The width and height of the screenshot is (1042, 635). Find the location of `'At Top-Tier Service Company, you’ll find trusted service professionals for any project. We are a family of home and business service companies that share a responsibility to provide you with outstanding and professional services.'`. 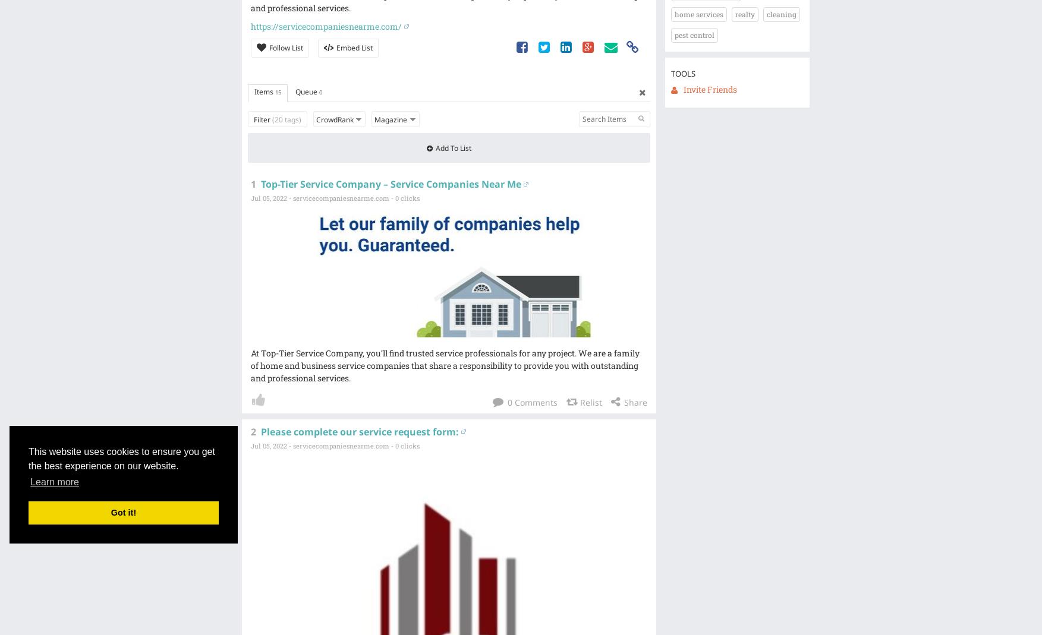

'At Top-Tier Service Company, you’ll find trusted service professionals for any project. We are a family of home and business service companies that share a responsibility to provide you with outstanding and professional services.' is located at coordinates (444, 365).